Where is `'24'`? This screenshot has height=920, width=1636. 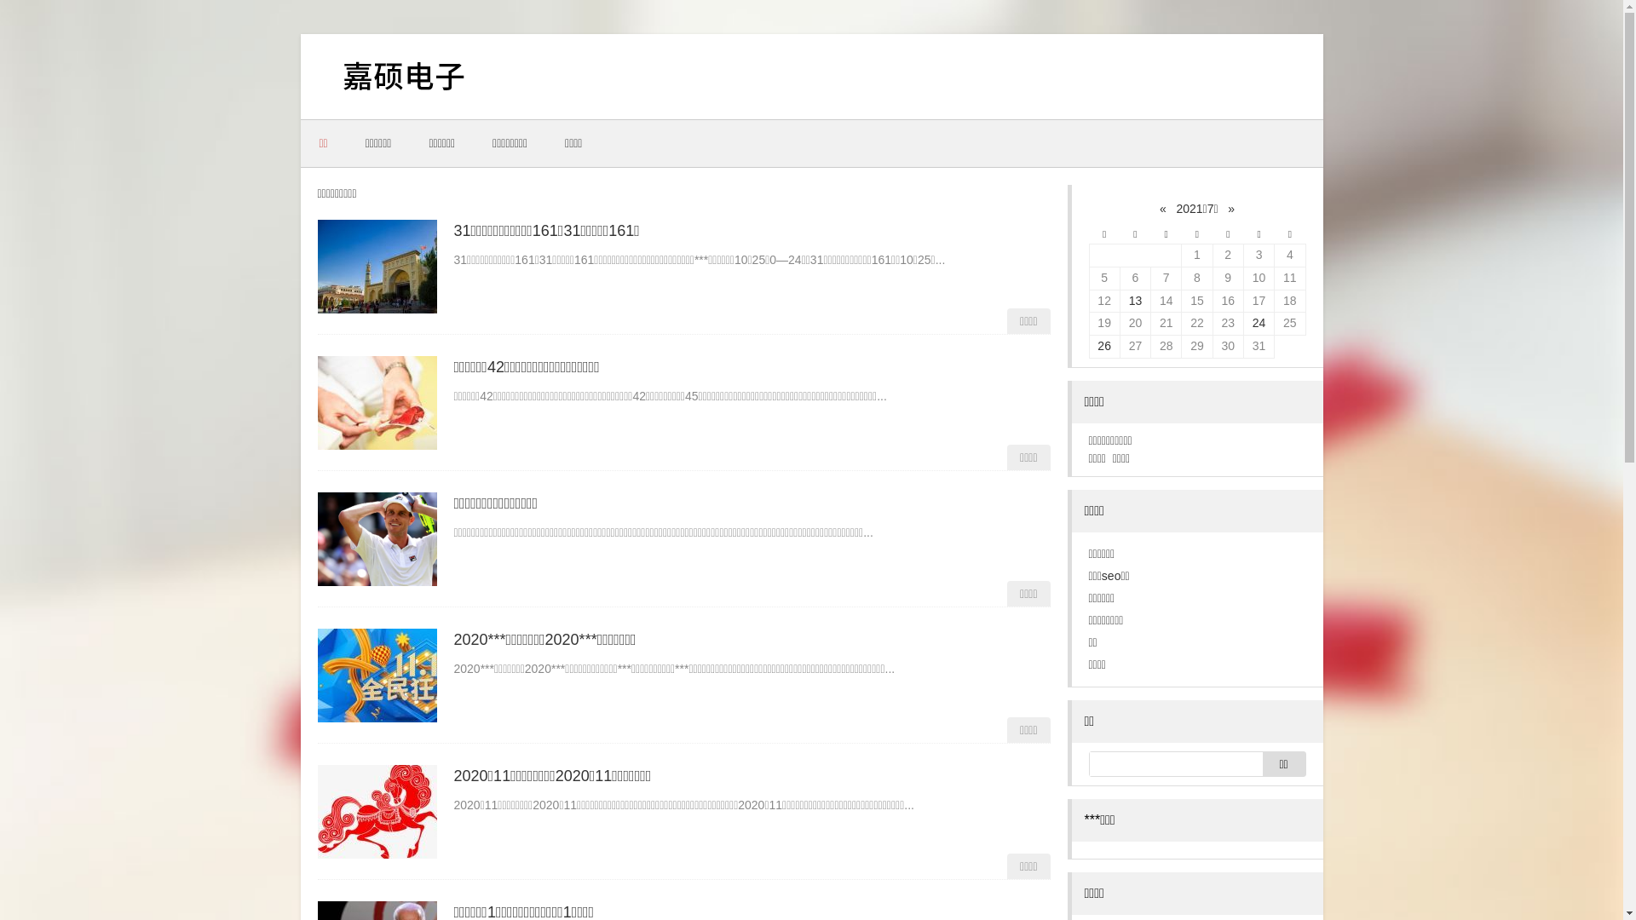
'24' is located at coordinates (1259, 322).